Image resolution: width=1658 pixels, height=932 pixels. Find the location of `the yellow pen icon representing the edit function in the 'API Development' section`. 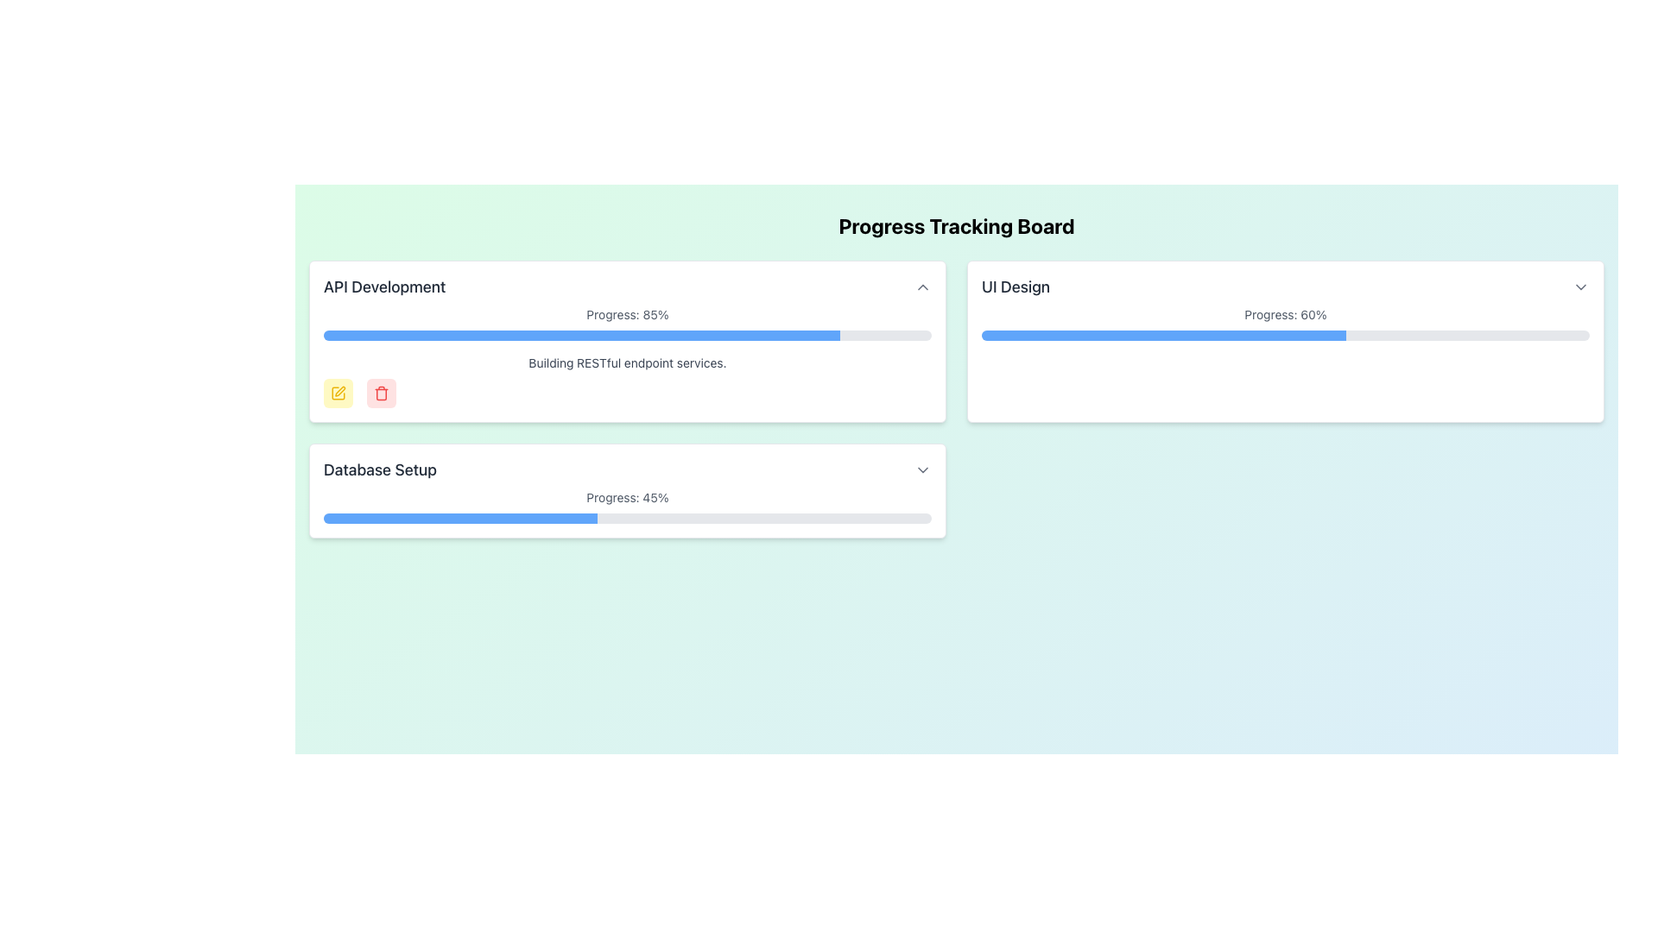

the yellow pen icon representing the edit function in the 'API Development' section is located at coordinates (339, 390).